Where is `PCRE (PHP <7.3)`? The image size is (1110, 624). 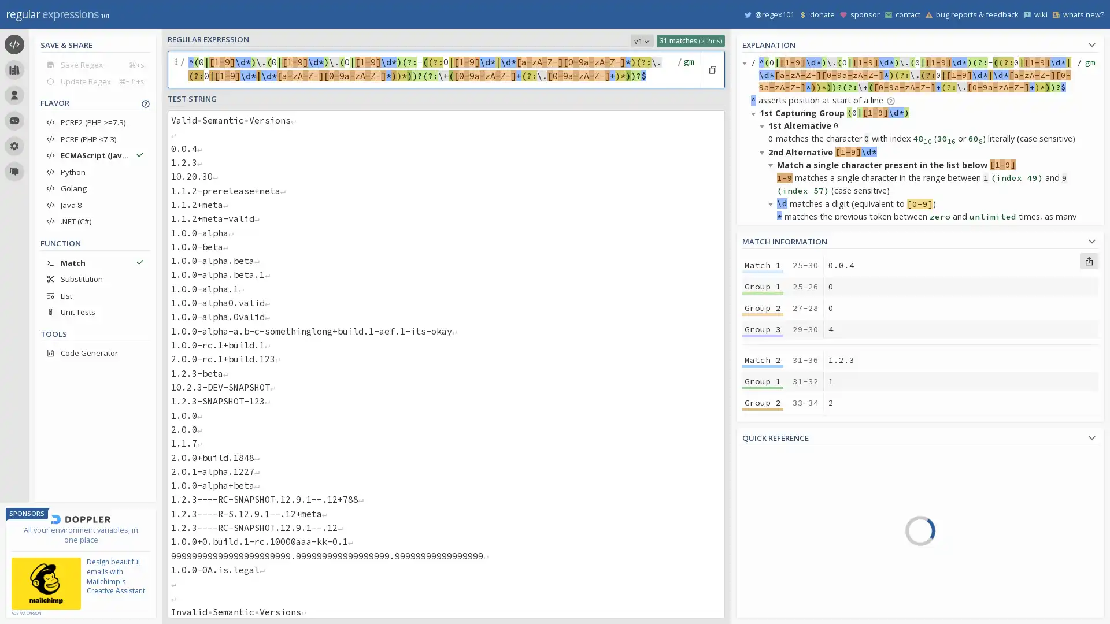 PCRE (PHP <7.3) is located at coordinates (95, 138).